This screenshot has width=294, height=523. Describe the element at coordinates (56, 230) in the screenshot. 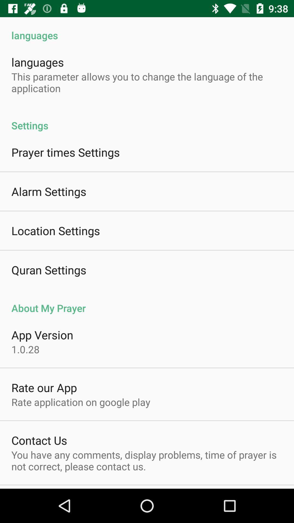

I see `icon below alarm settings item` at that location.